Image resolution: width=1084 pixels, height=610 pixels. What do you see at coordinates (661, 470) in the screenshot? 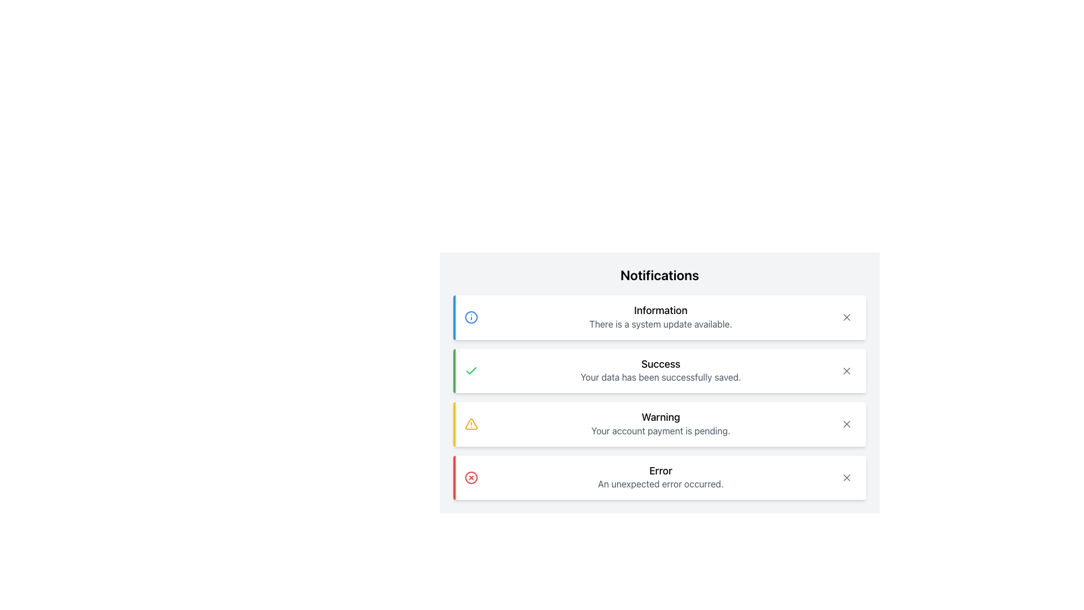
I see `the bold title text label displaying 'Error', which is styled in black font and larger text size, positioned above a descriptive sentence within the bottom-most notification card` at bounding box center [661, 470].